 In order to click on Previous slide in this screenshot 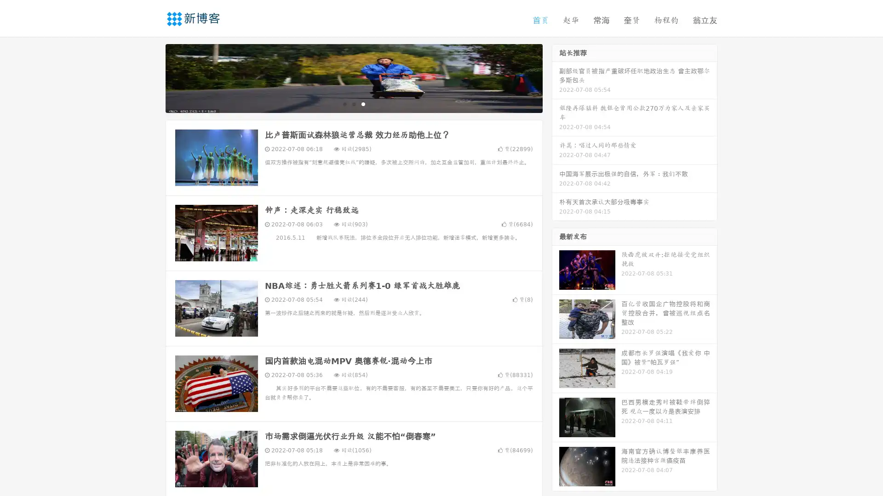, I will do `click(152, 77)`.